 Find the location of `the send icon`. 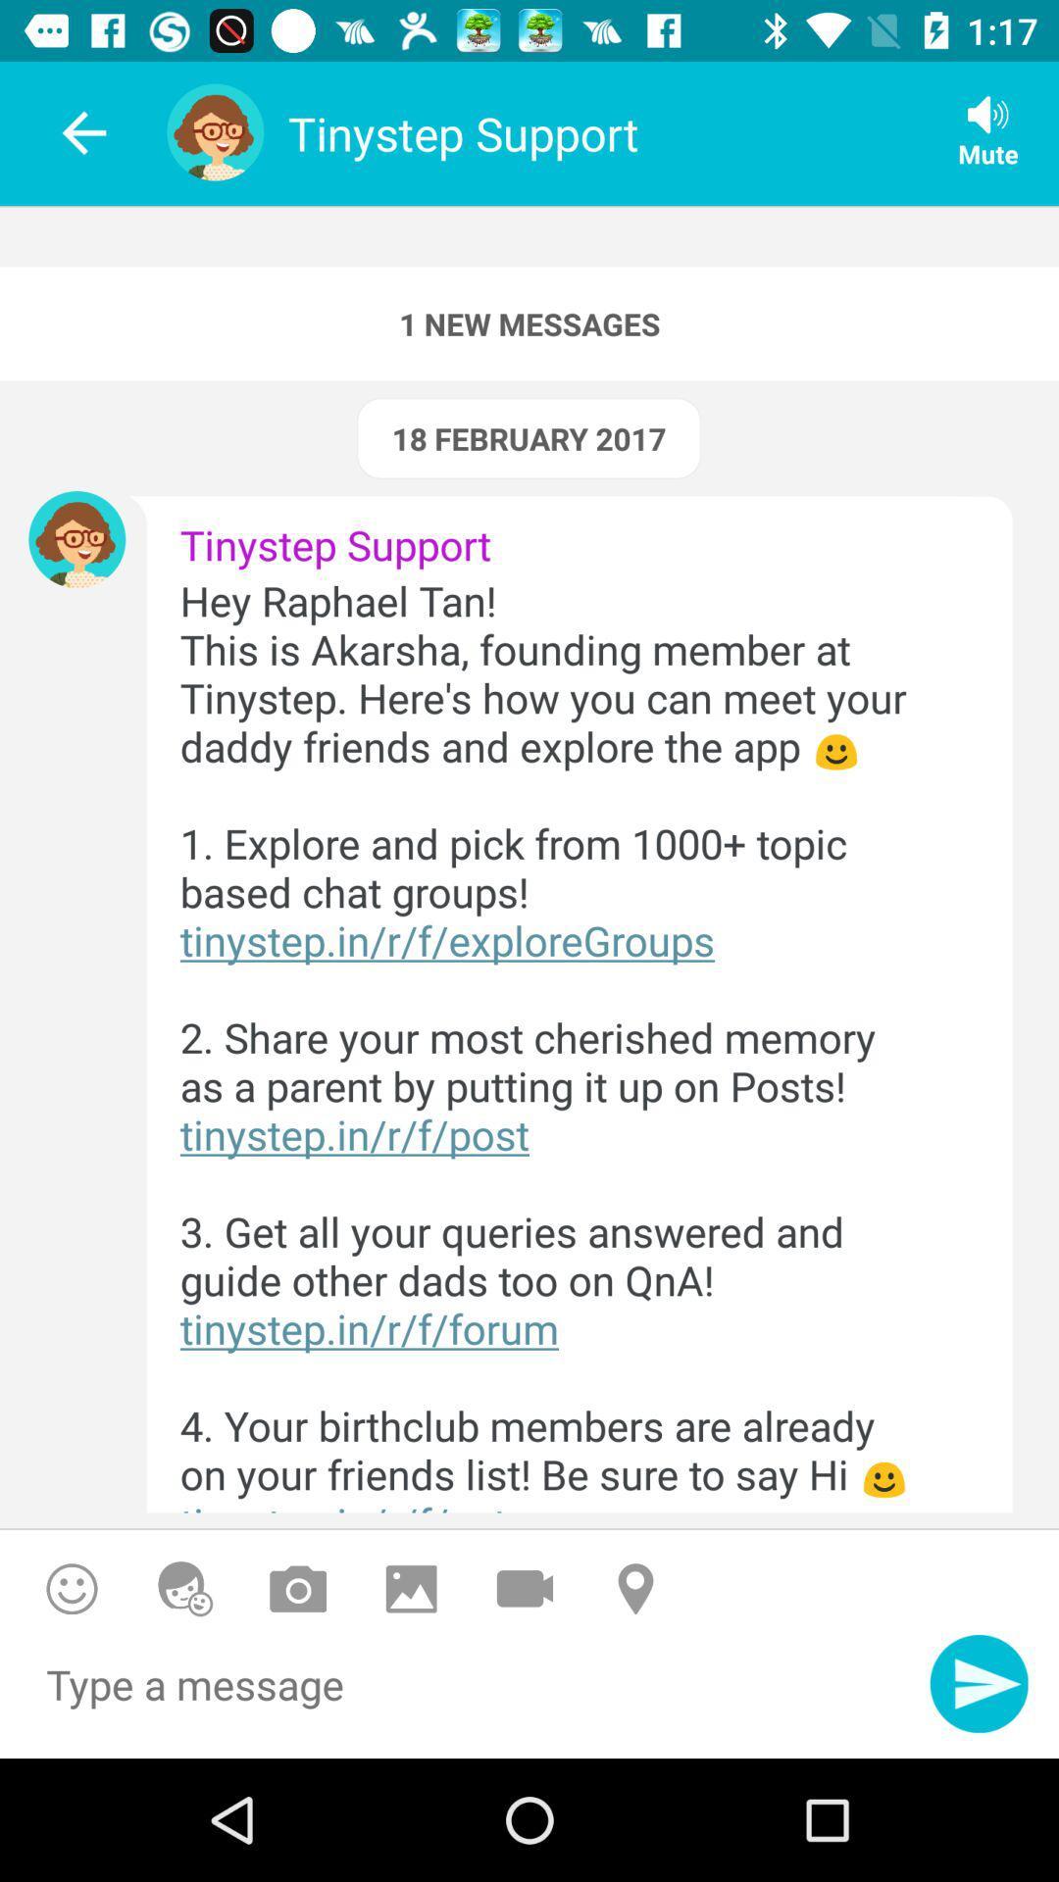

the send icon is located at coordinates (979, 1682).